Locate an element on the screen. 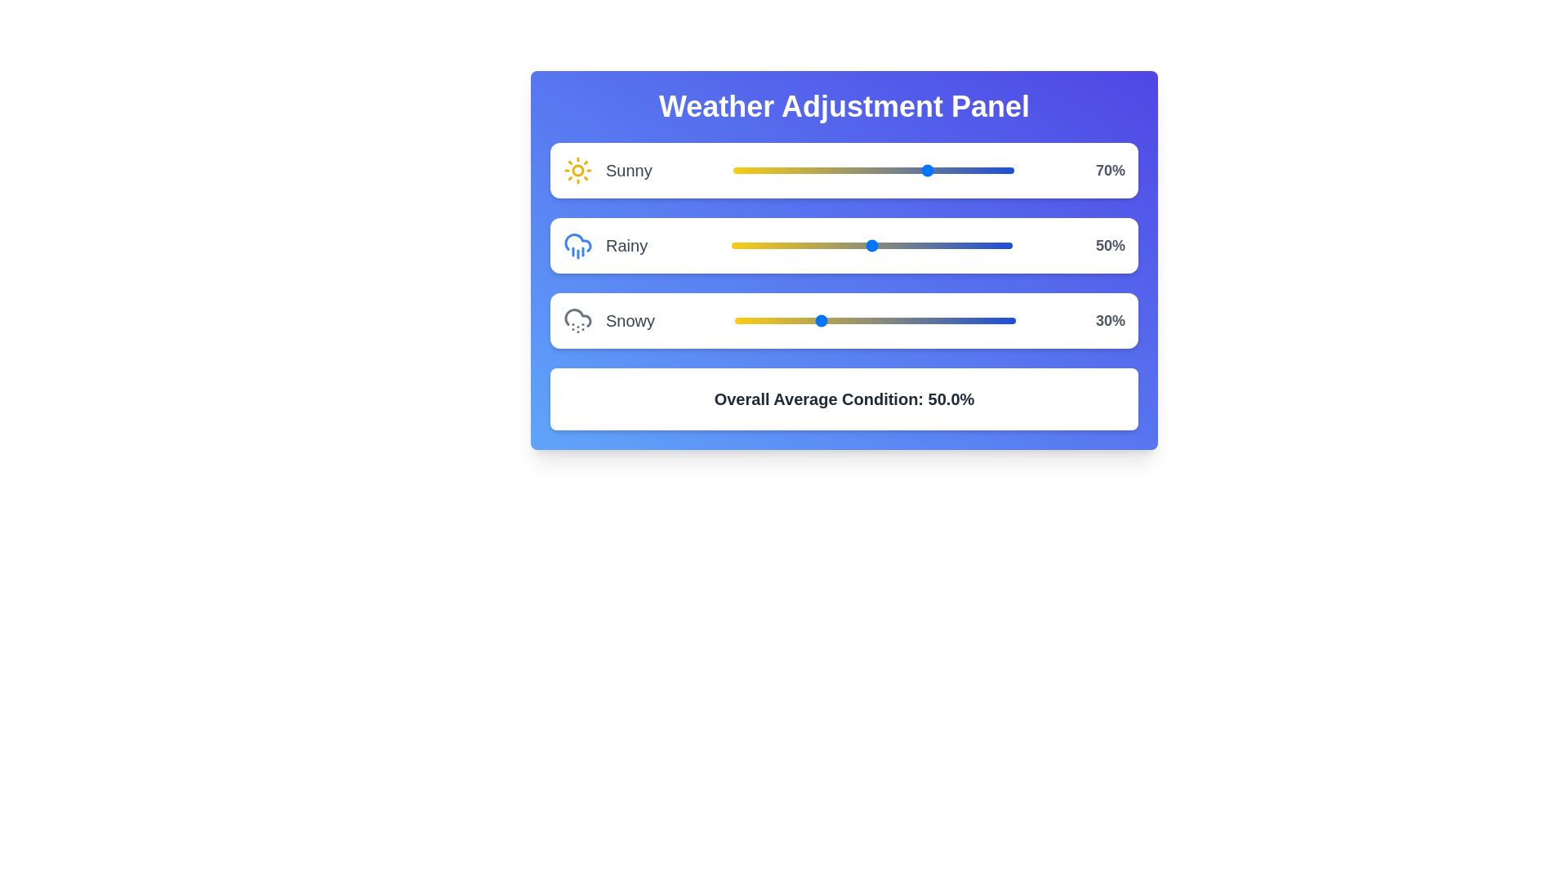  the 'Rainy' slider is located at coordinates (920, 245).